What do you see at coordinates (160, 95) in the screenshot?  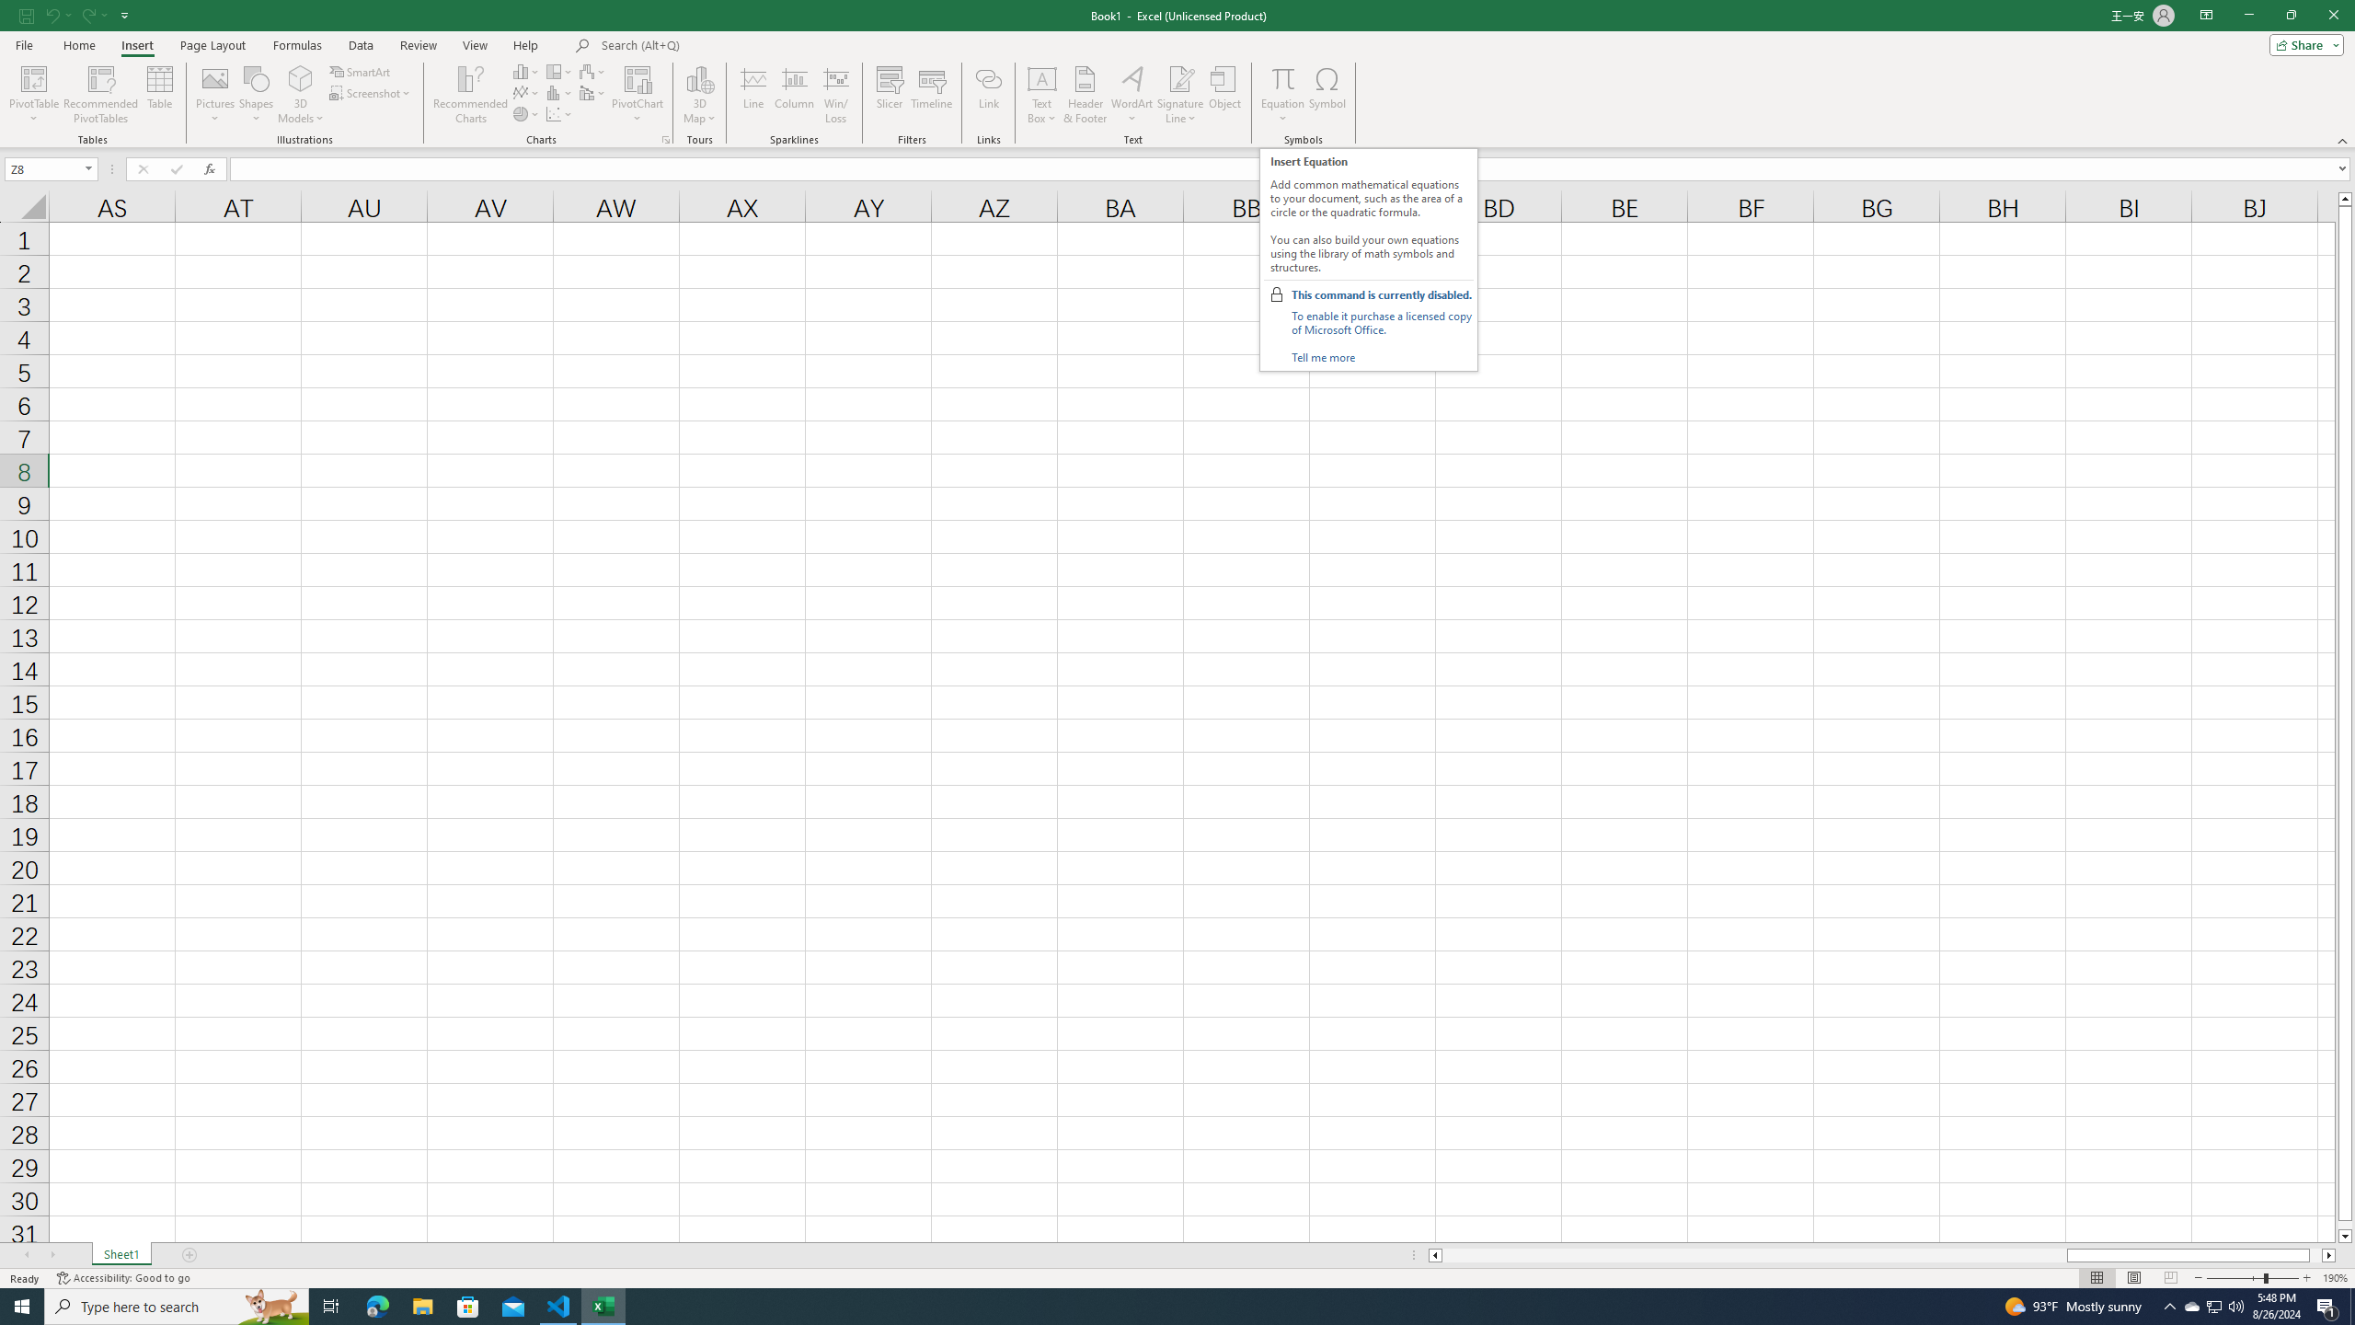 I see `'Table'` at bounding box center [160, 95].